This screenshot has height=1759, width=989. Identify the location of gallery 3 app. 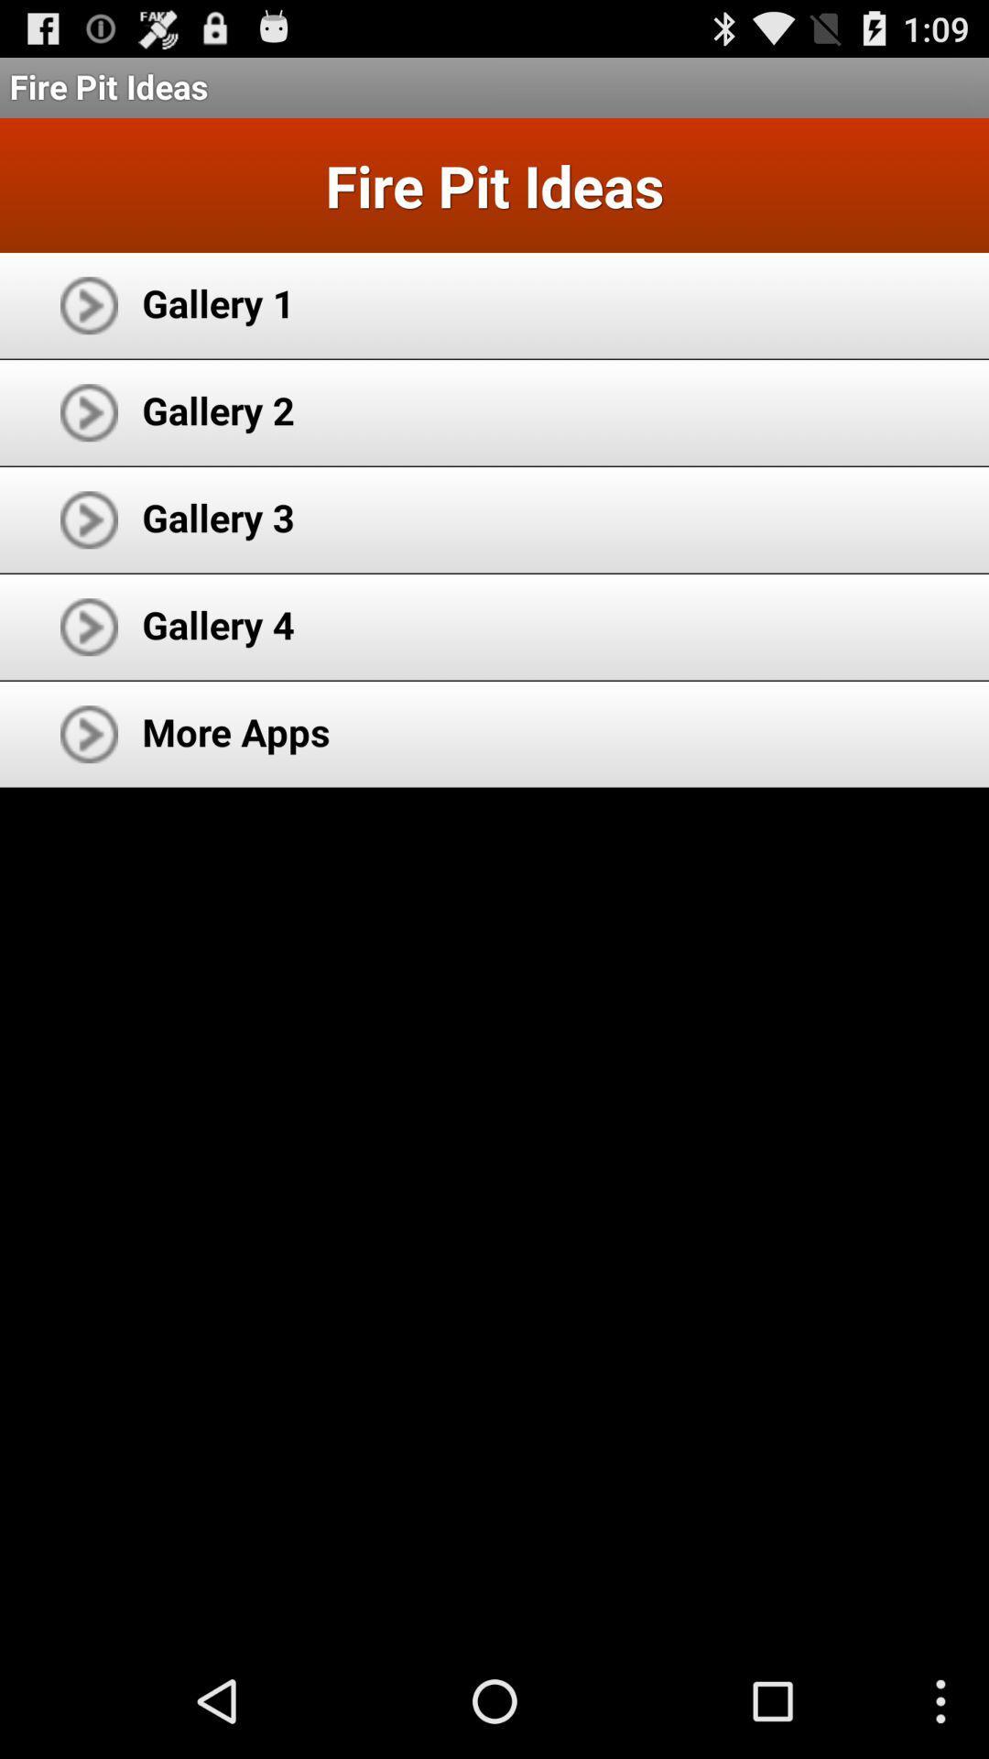
(217, 516).